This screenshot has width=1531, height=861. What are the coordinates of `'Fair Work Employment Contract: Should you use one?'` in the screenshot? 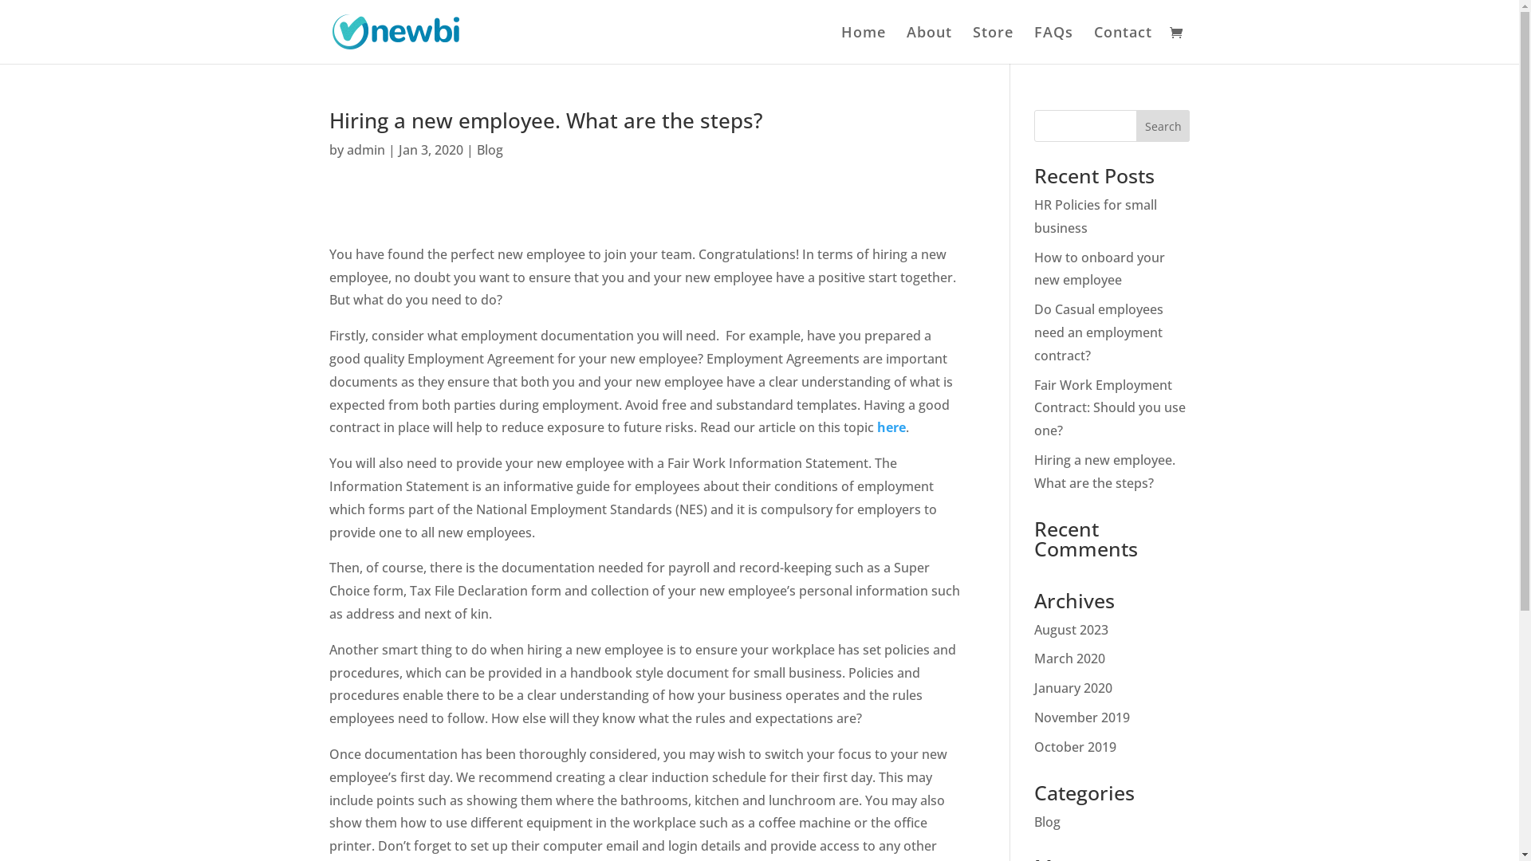 It's located at (1109, 407).